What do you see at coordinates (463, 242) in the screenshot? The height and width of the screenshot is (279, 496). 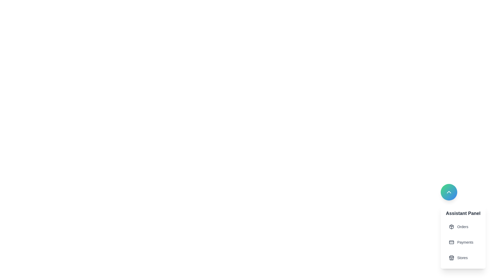 I see `the Payments from the assistant panel` at bounding box center [463, 242].